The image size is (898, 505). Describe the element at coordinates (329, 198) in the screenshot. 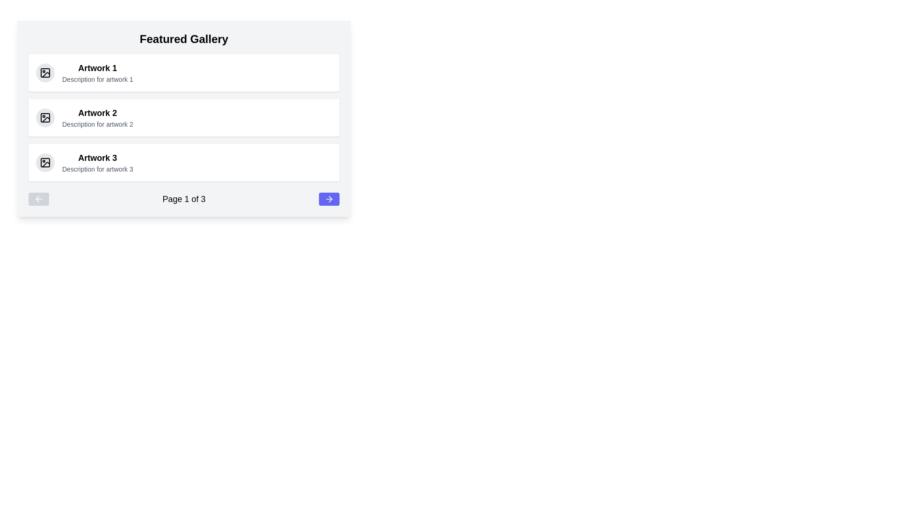

I see `the Button Icon located at the bottom-right corner of the interface` at that location.